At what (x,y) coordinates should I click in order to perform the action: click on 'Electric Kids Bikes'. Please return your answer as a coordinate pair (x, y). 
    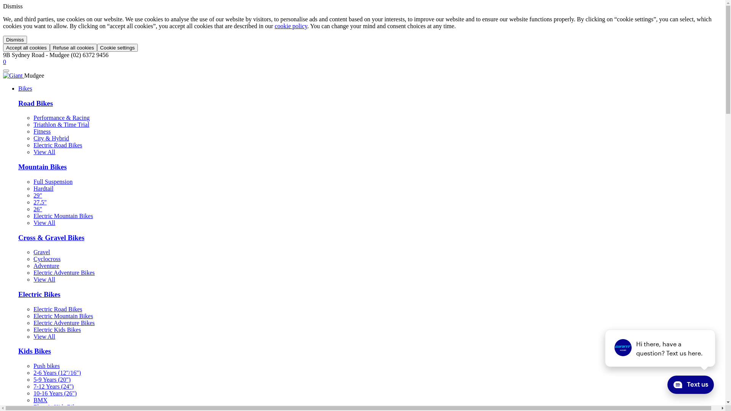
    Looking at the image, I should click on (56, 406).